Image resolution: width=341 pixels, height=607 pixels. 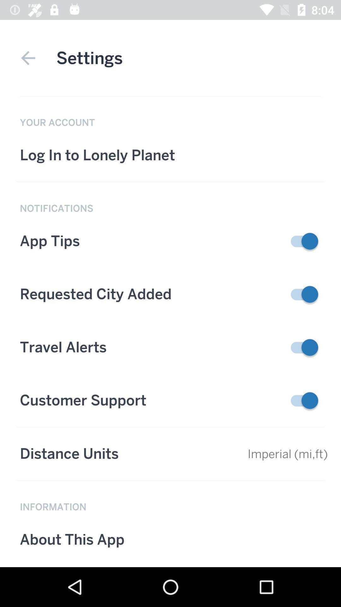 I want to click on the arrow_backward icon, so click(x=28, y=58).